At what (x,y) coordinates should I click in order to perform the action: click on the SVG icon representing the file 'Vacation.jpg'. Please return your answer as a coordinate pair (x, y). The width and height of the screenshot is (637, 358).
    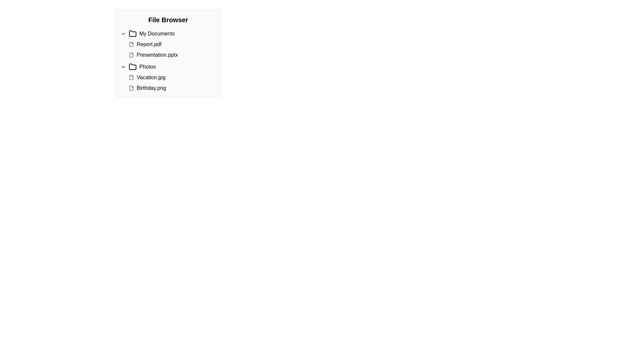
    Looking at the image, I should click on (131, 77).